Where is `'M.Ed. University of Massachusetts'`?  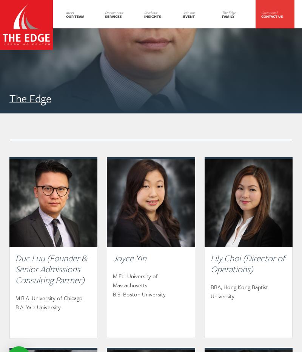
'M.Ed. University of Massachusetts' is located at coordinates (135, 281).